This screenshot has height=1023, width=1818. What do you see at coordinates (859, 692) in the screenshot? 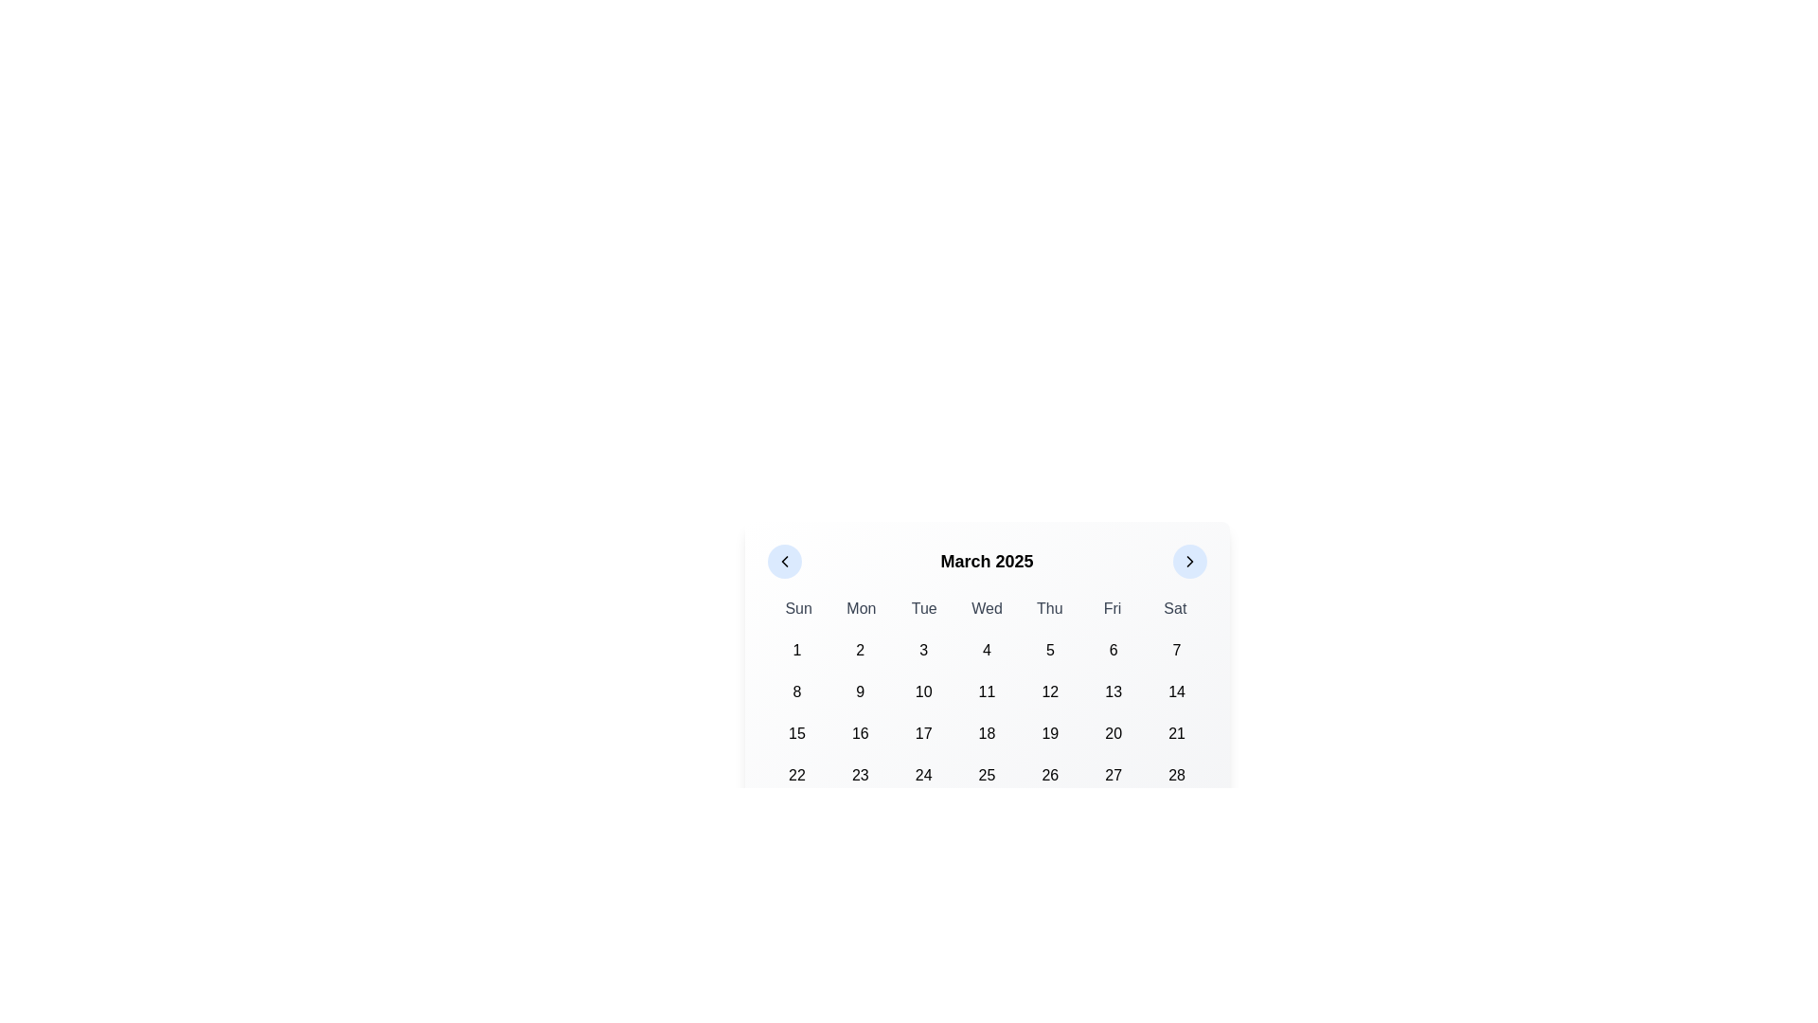
I see `the button for selecting the ninth day of the month located in the second row of the calendar grid, specifically in the 'Sun' column` at bounding box center [859, 692].